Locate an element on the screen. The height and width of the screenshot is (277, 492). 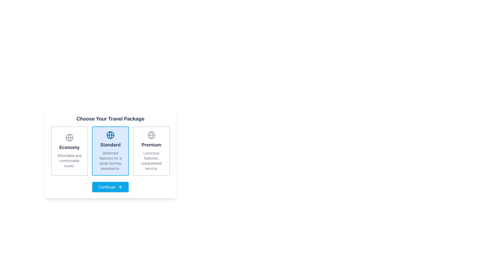
the 'Premium' interactive selection card, which features a bold gray header, a globe icon, and descriptive text about luxurious features, located in the center of a grid of three travel package options is located at coordinates (151, 151).